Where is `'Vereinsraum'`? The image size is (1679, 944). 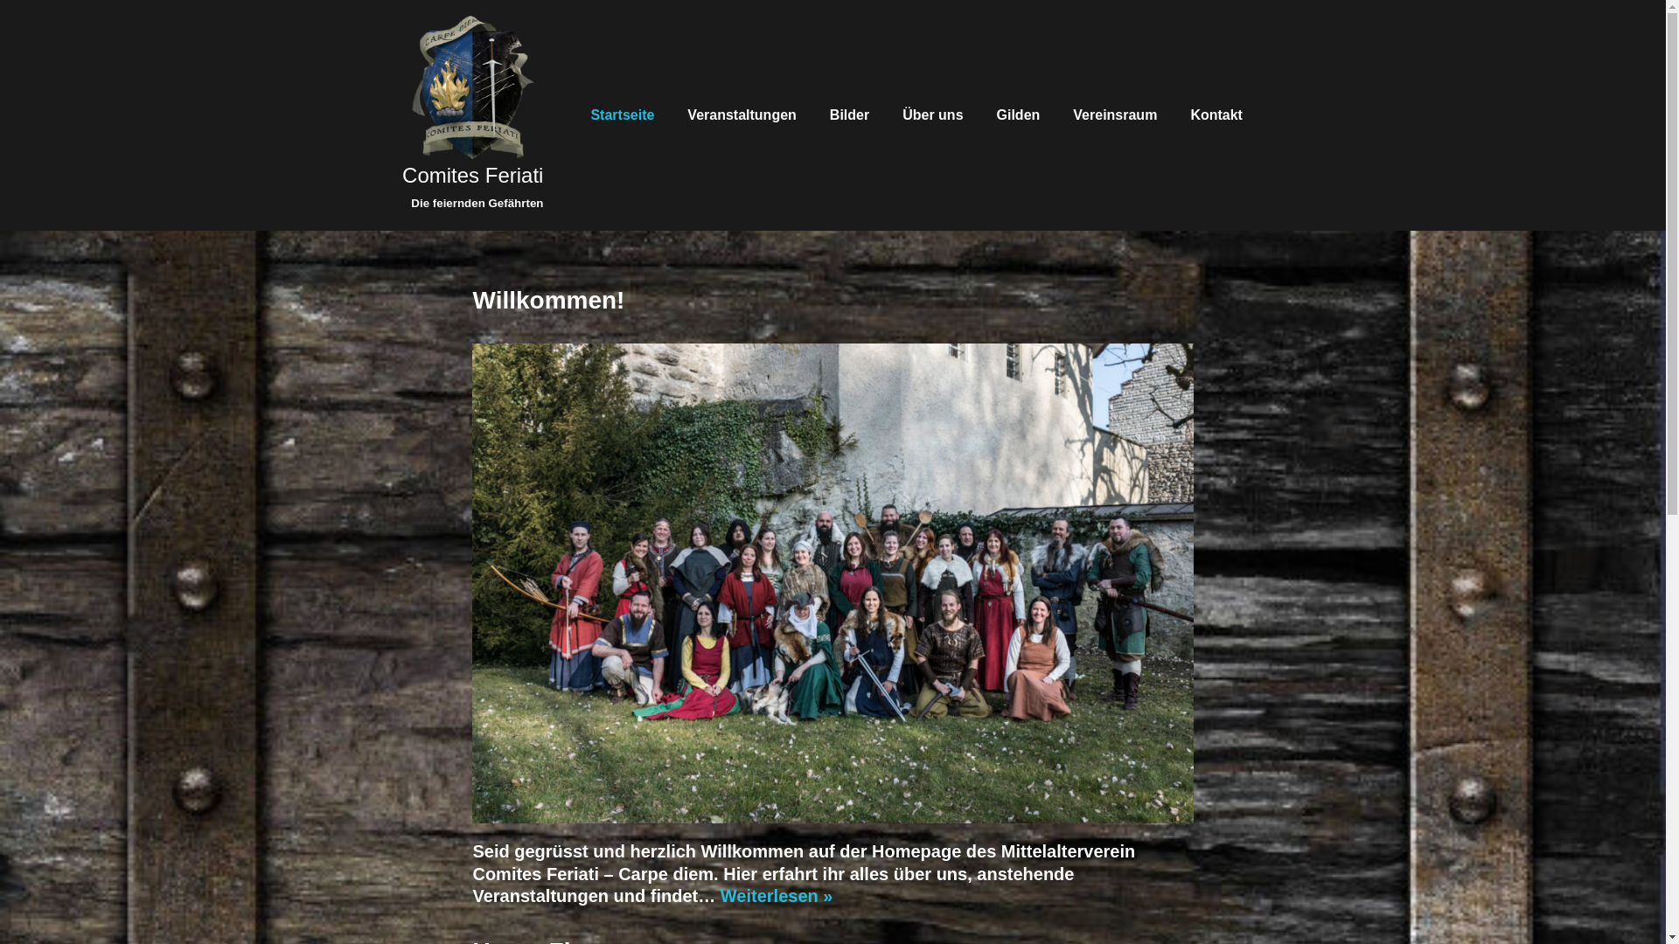 'Vereinsraum' is located at coordinates (1114, 115).